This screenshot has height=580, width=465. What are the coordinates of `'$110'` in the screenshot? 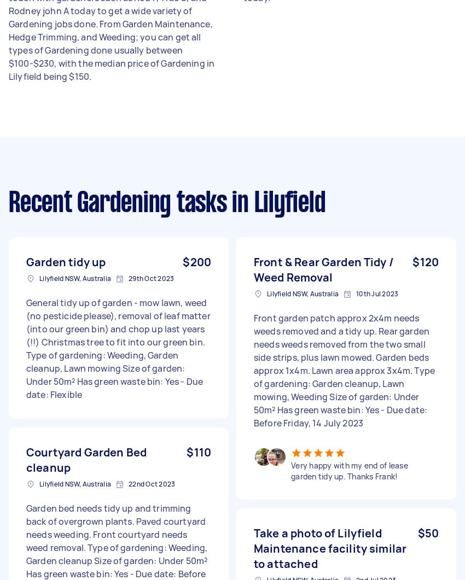 It's located at (198, 452).